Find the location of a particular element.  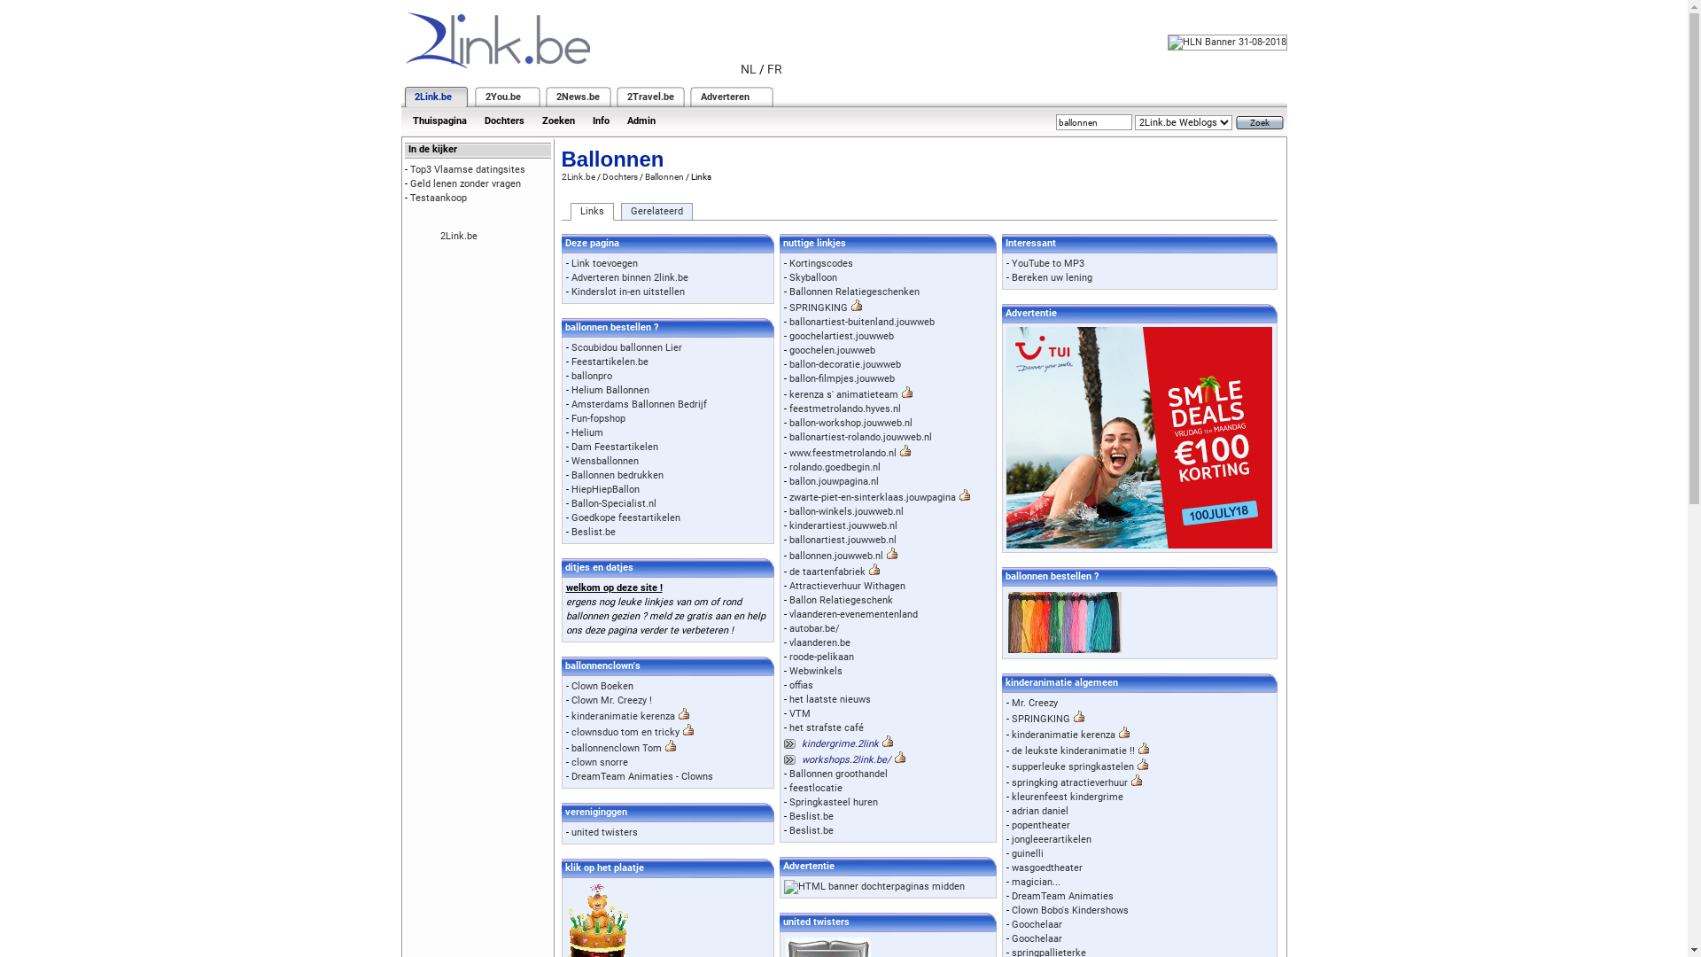

'ballonpro' is located at coordinates (591, 375).